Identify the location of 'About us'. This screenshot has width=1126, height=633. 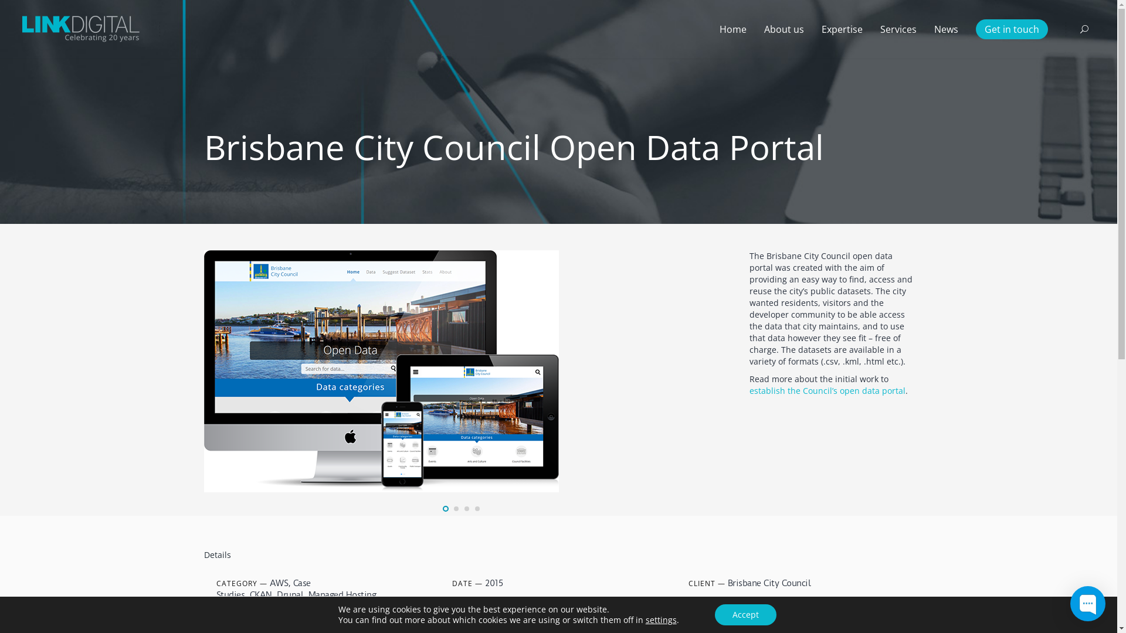
(784, 29).